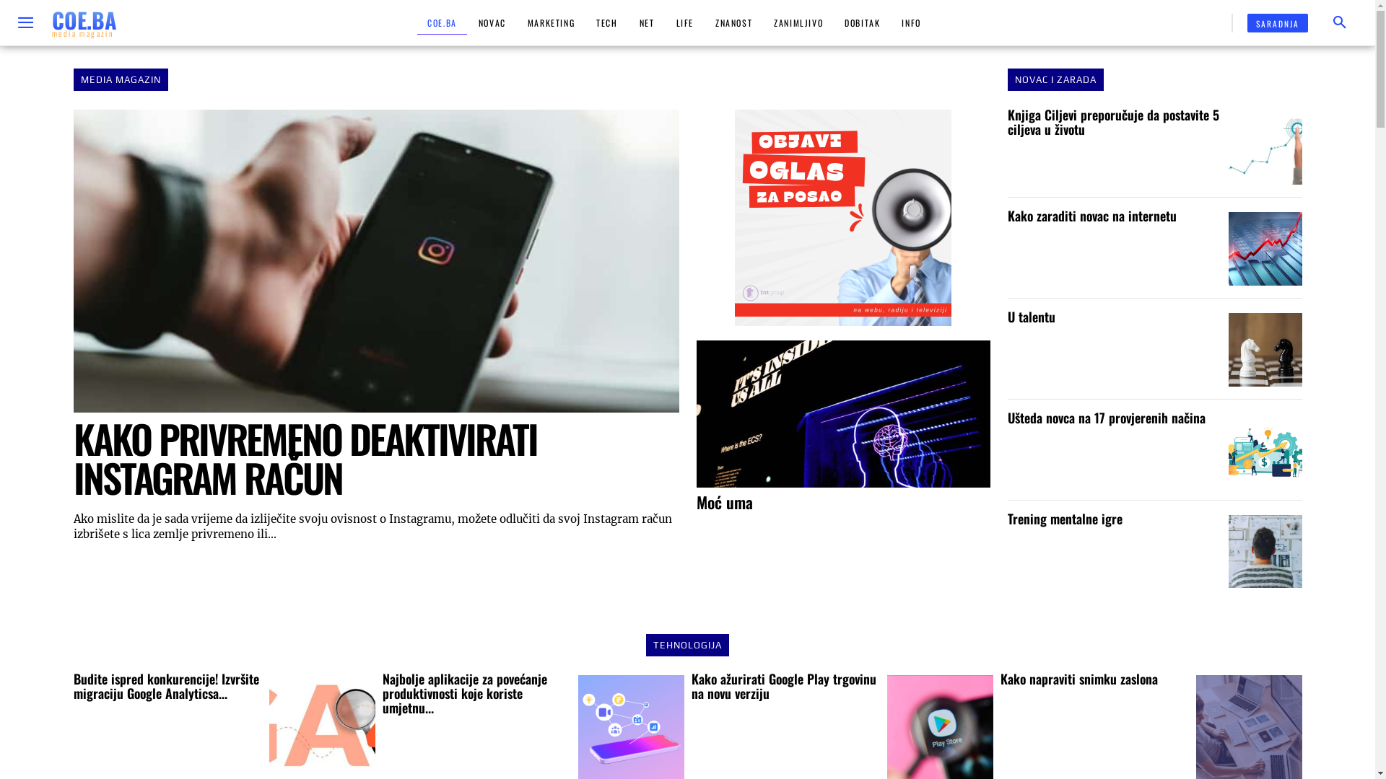 The width and height of the screenshot is (1386, 779). What do you see at coordinates (121, 79) in the screenshot?
I see `'MEDIA MAGAZIN'` at bounding box center [121, 79].